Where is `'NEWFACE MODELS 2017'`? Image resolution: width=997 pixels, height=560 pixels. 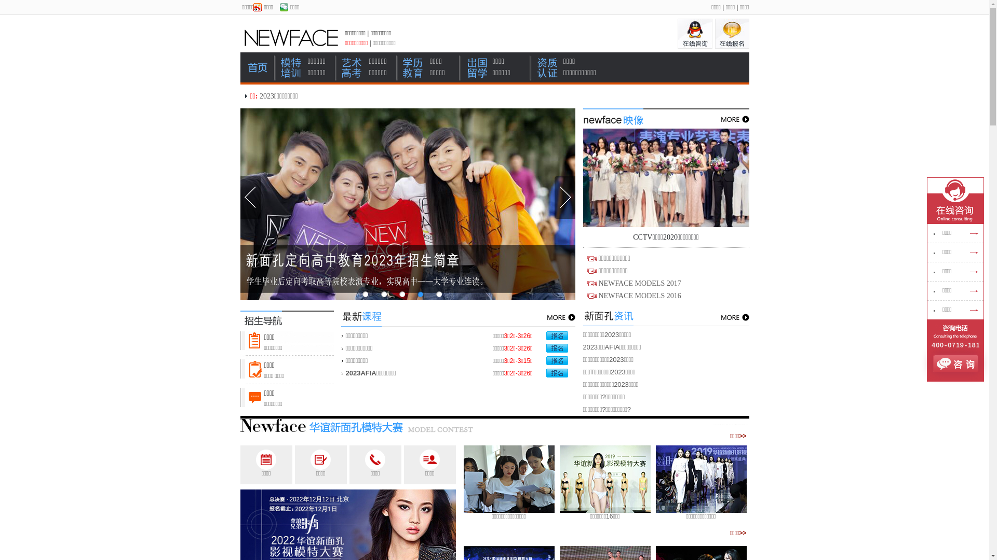 'NEWFACE MODELS 2017' is located at coordinates (639, 283).